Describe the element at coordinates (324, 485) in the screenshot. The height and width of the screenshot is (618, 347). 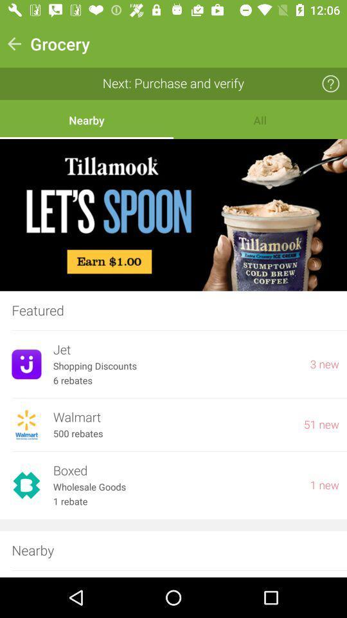
I see `1 new icon` at that location.